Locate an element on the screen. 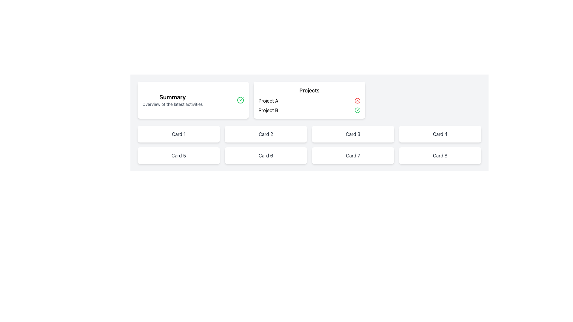  the non-interactive visual card labeled 'Card 3', which is positioned in the top row of a grid layout between 'Card 2' and 'Card 4' is located at coordinates (353, 134).